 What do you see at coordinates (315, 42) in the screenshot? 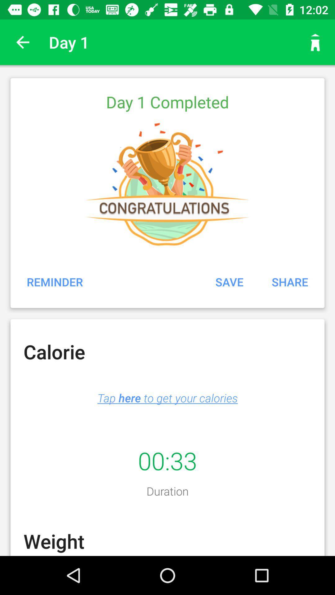
I see `the item to the right of day 1 icon` at bounding box center [315, 42].